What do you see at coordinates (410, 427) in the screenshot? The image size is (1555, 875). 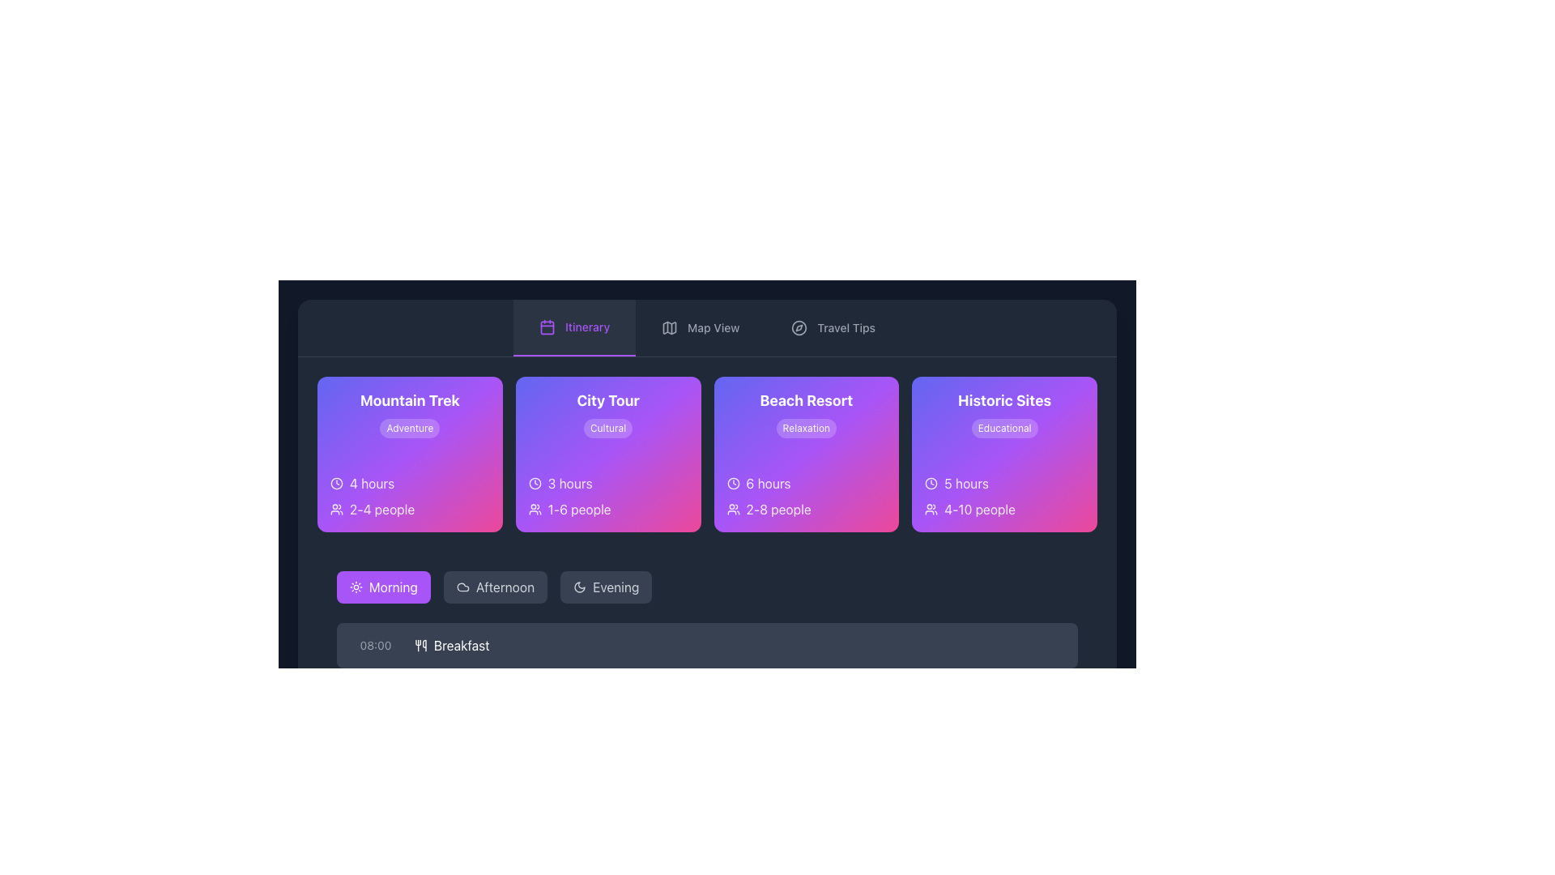 I see `the text of the 'Adventure' label located below the title 'Mountain Trek' and centrally aligned within its card` at bounding box center [410, 427].